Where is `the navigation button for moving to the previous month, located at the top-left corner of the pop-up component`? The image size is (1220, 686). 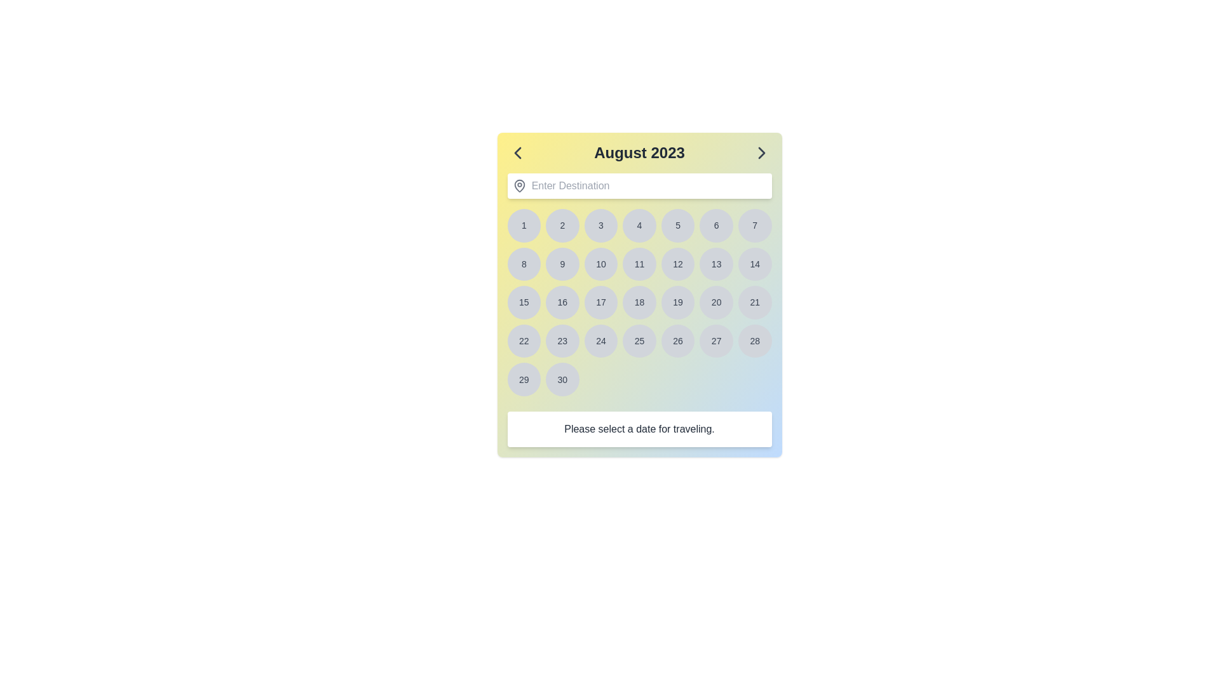
the navigation button for moving to the previous month, located at the top-left corner of the pop-up component is located at coordinates (517, 152).